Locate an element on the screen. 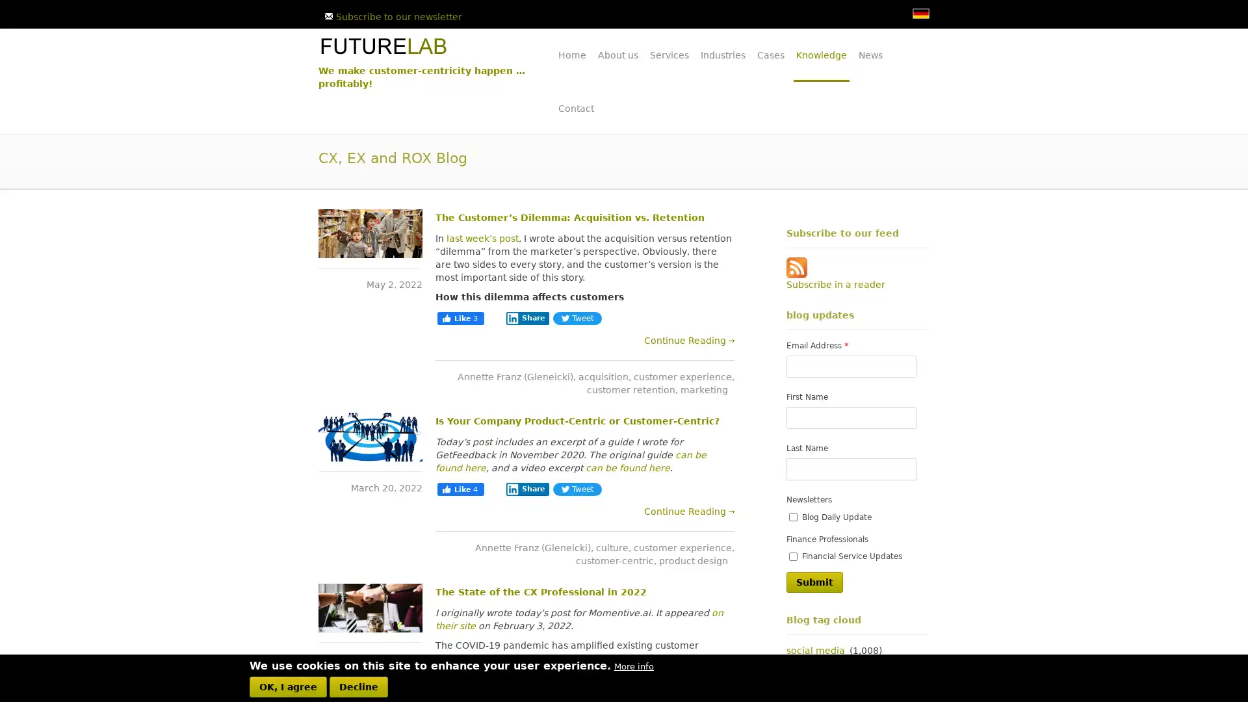 This screenshot has height=702, width=1248. Share is located at coordinates (527, 318).